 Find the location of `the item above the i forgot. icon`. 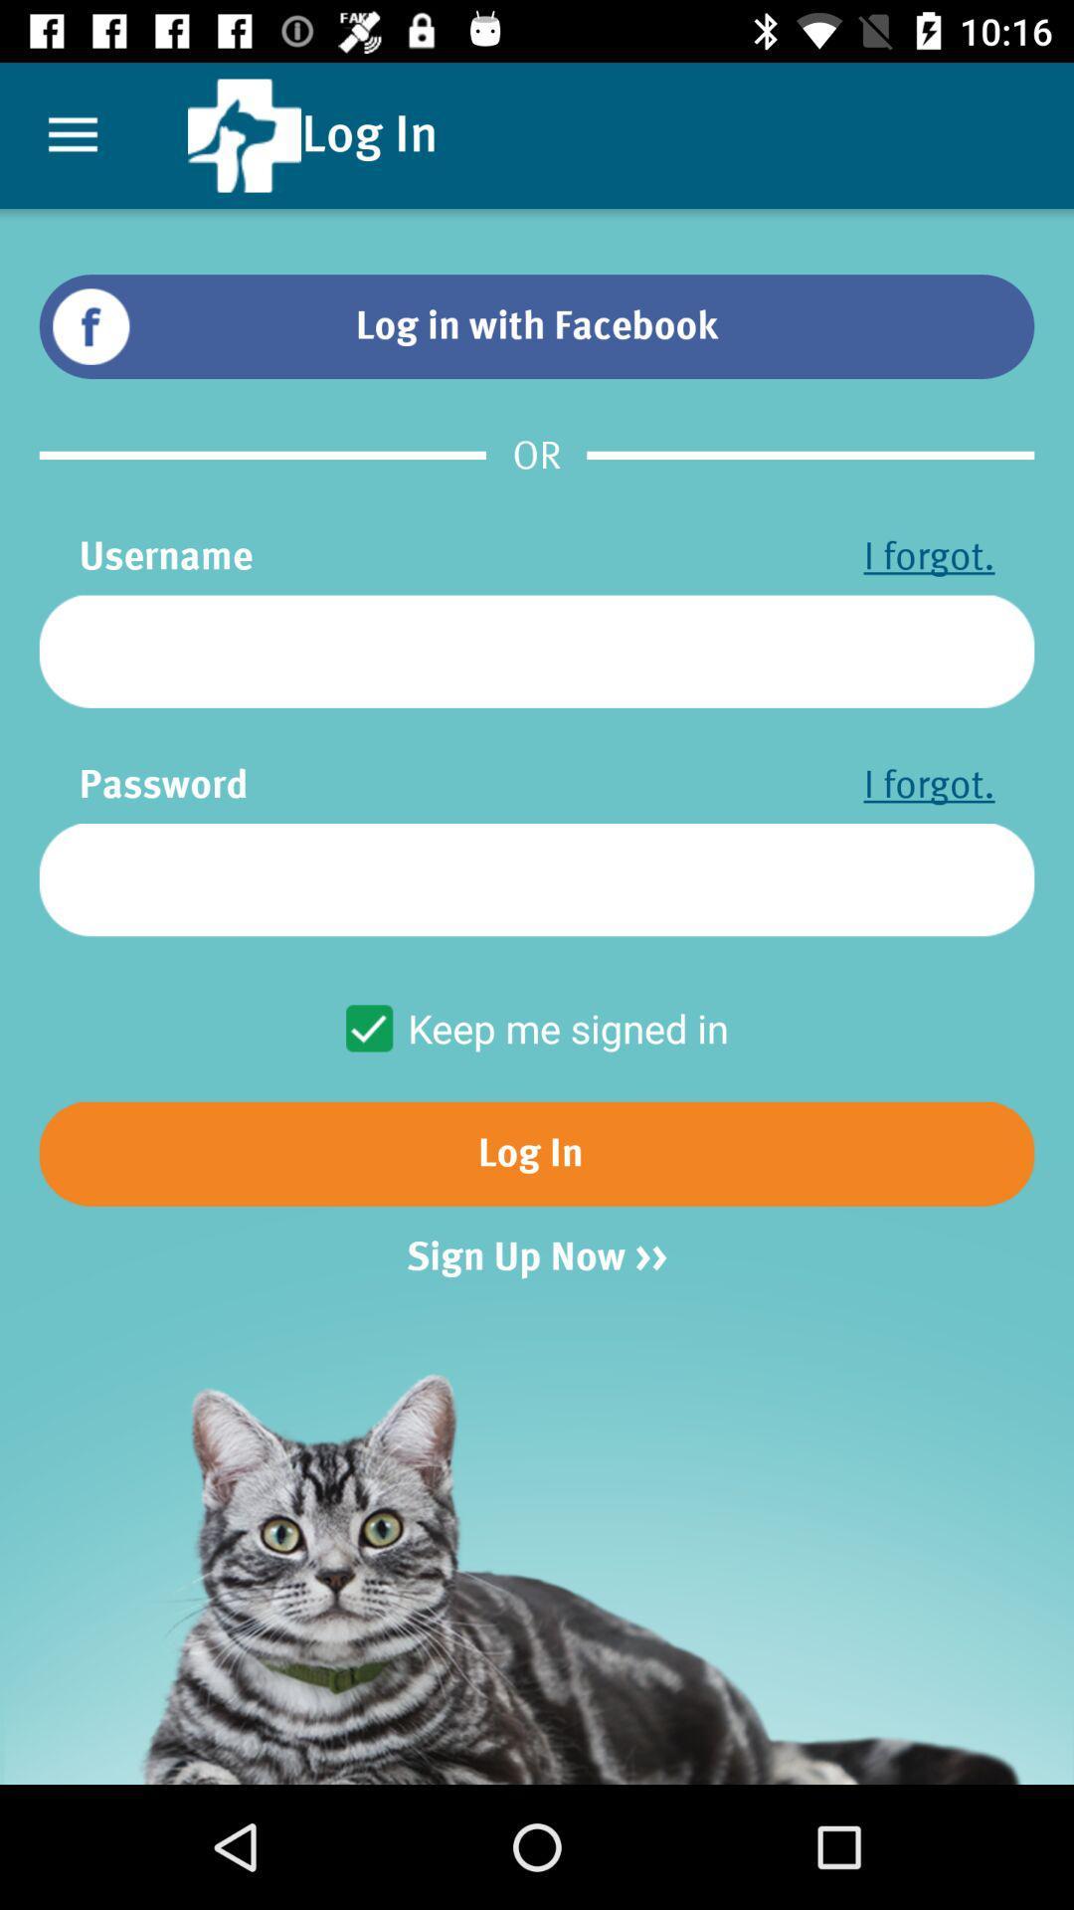

the item above the i forgot. icon is located at coordinates (537, 652).